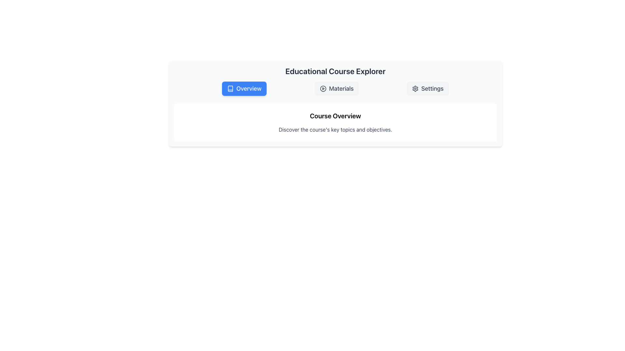  Describe the element at coordinates (337, 89) in the screenshot. I see `the button located between the 'Overview' button on its left and the 'Settings' button on its right` at that location.